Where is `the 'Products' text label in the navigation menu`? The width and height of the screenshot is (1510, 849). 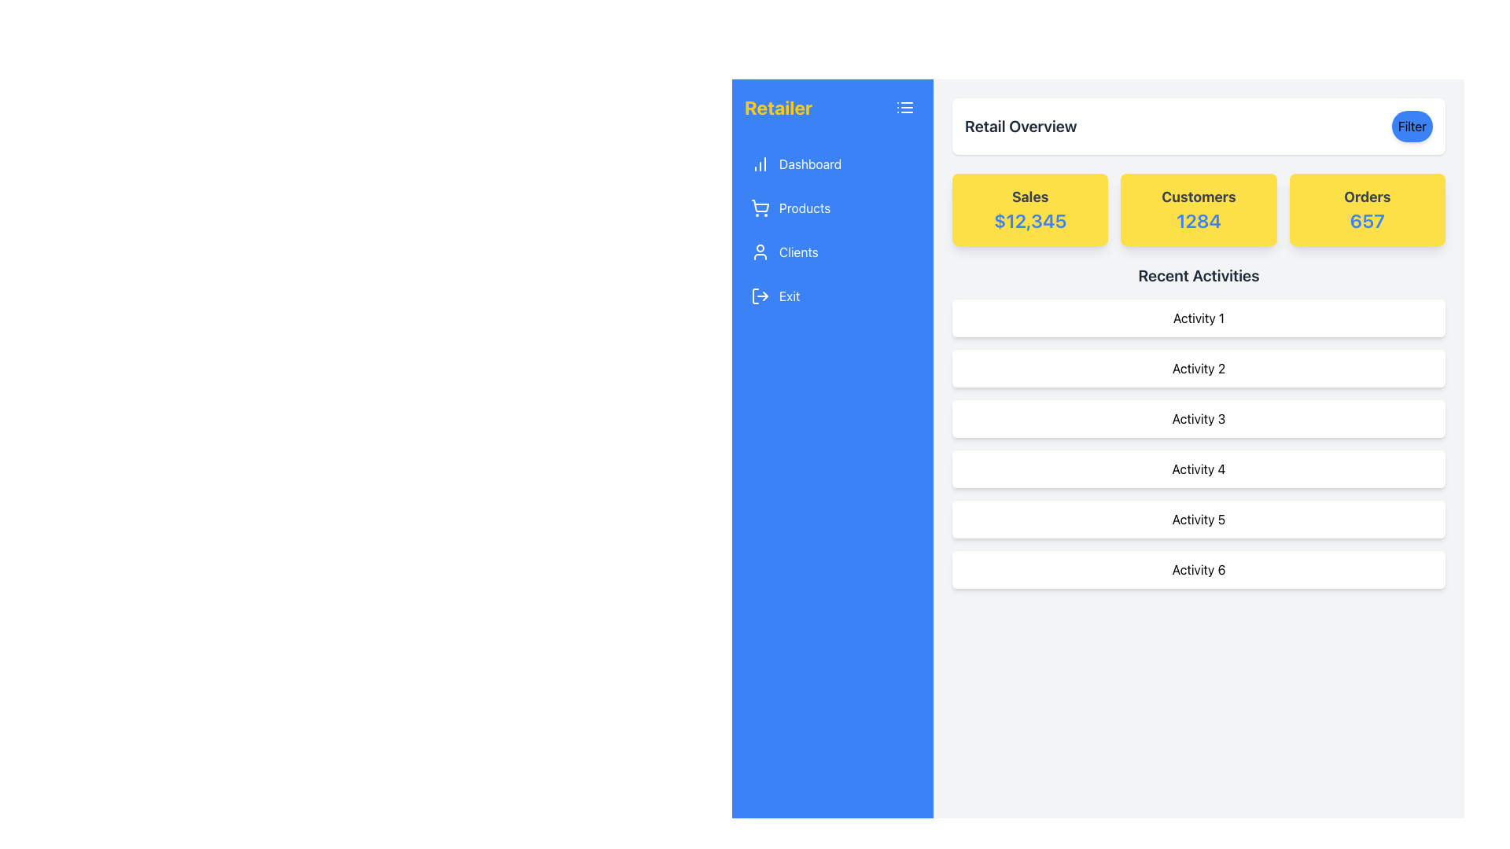
the 'Products' text label in the navigation menu is located at coordinates (805, 208).